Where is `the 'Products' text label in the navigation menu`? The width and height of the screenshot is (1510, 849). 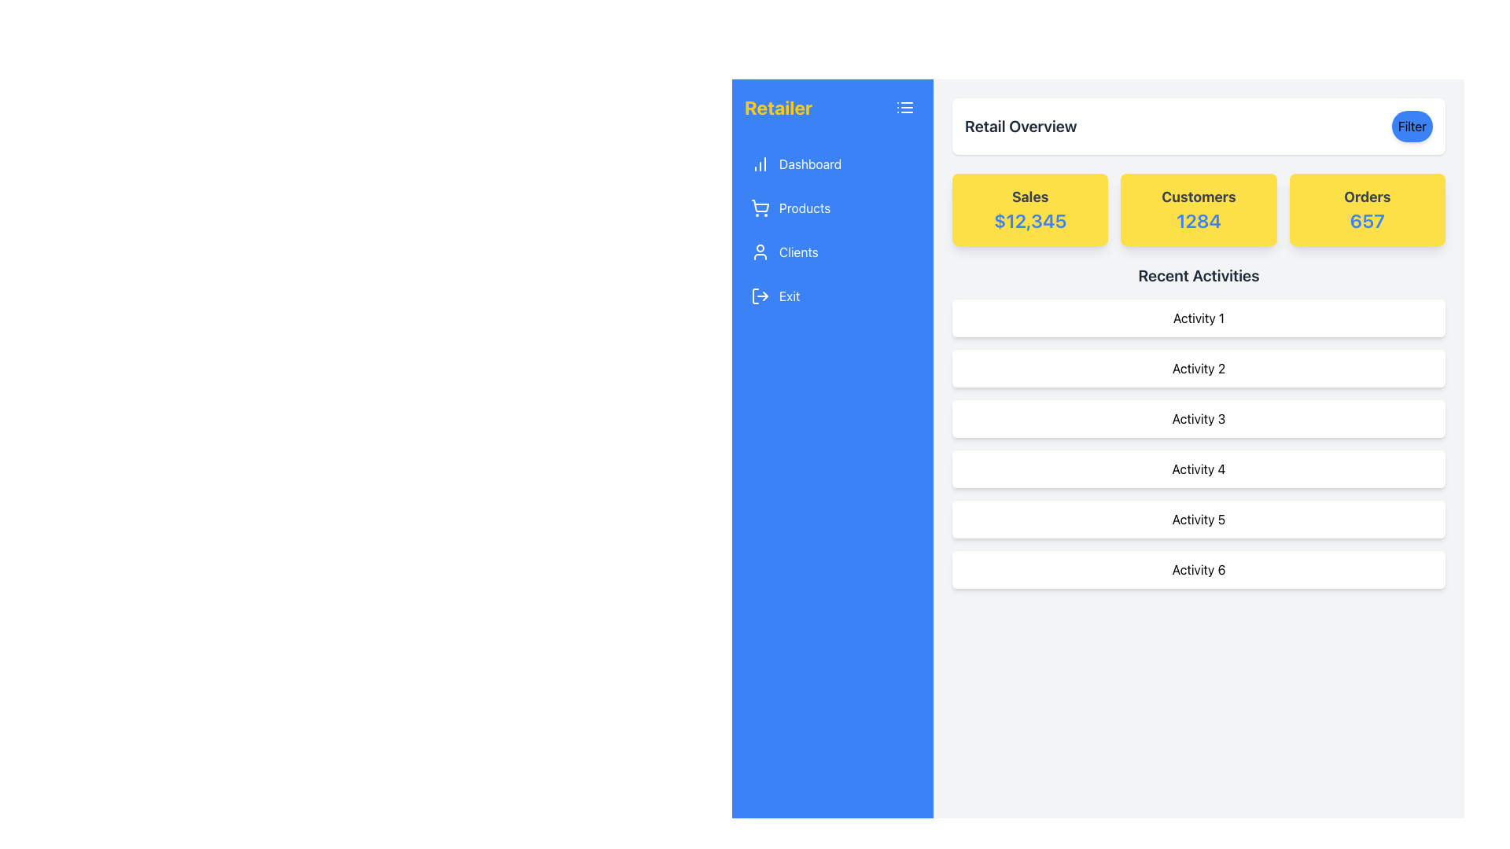
the 'Products' text label in the navigation menu is located at coordinates (805, 208).